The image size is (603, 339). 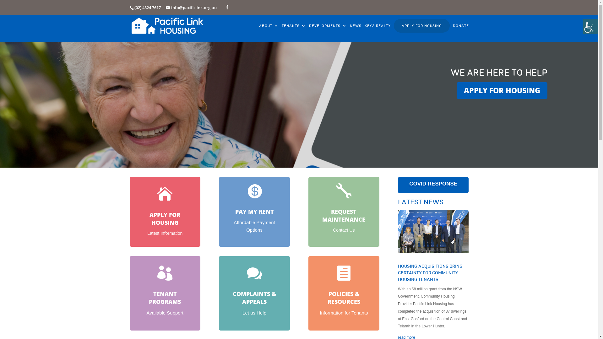 I want to click on 'Let us Help', so click(x=254, y=313).